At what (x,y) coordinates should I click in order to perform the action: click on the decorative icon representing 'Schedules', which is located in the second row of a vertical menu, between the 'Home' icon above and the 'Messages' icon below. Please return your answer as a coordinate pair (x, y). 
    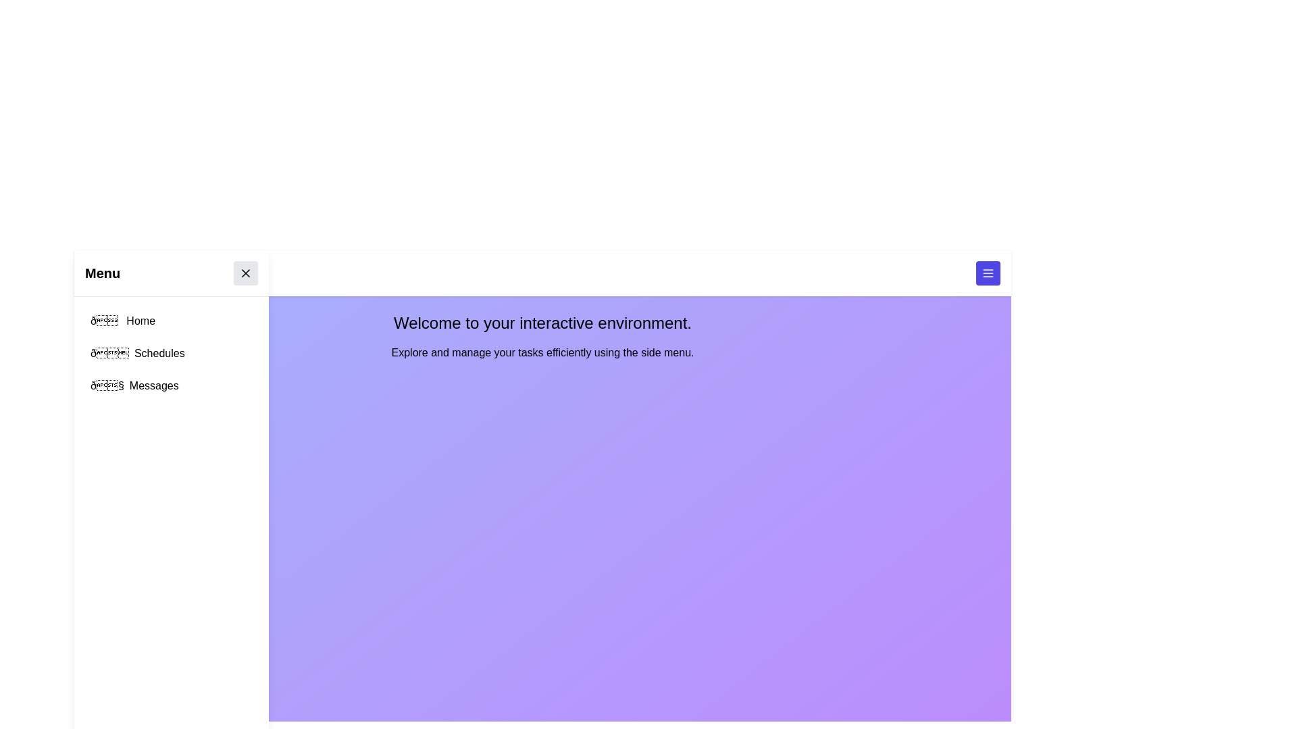
    Looking at the image, I should click on (109, 353).